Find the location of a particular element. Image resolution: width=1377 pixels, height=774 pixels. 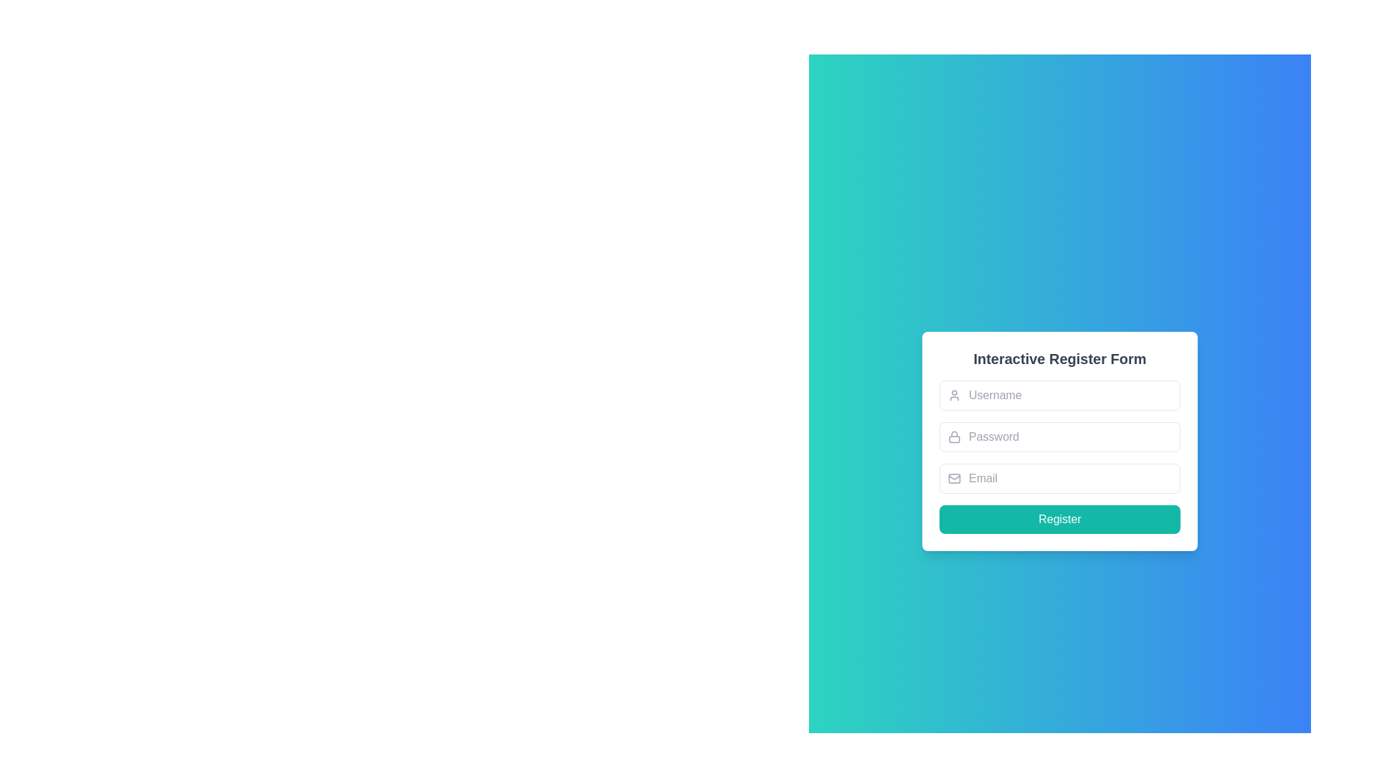

the muted gray lock icon located at the top-left corner of the password input field, positioned before the placeholder text is located at coordinates (954, 436).